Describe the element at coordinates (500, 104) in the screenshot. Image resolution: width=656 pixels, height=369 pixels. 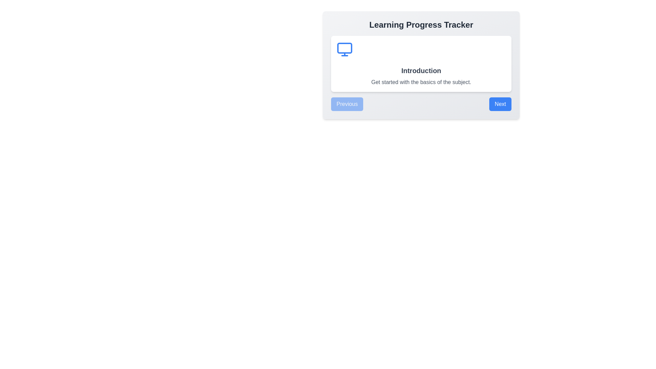
I see `the 'Next' button, which is a blue rectangular button with rounded corners and the text 'Next' centered in white, located at the bottom-right corner of a card element` at that location.